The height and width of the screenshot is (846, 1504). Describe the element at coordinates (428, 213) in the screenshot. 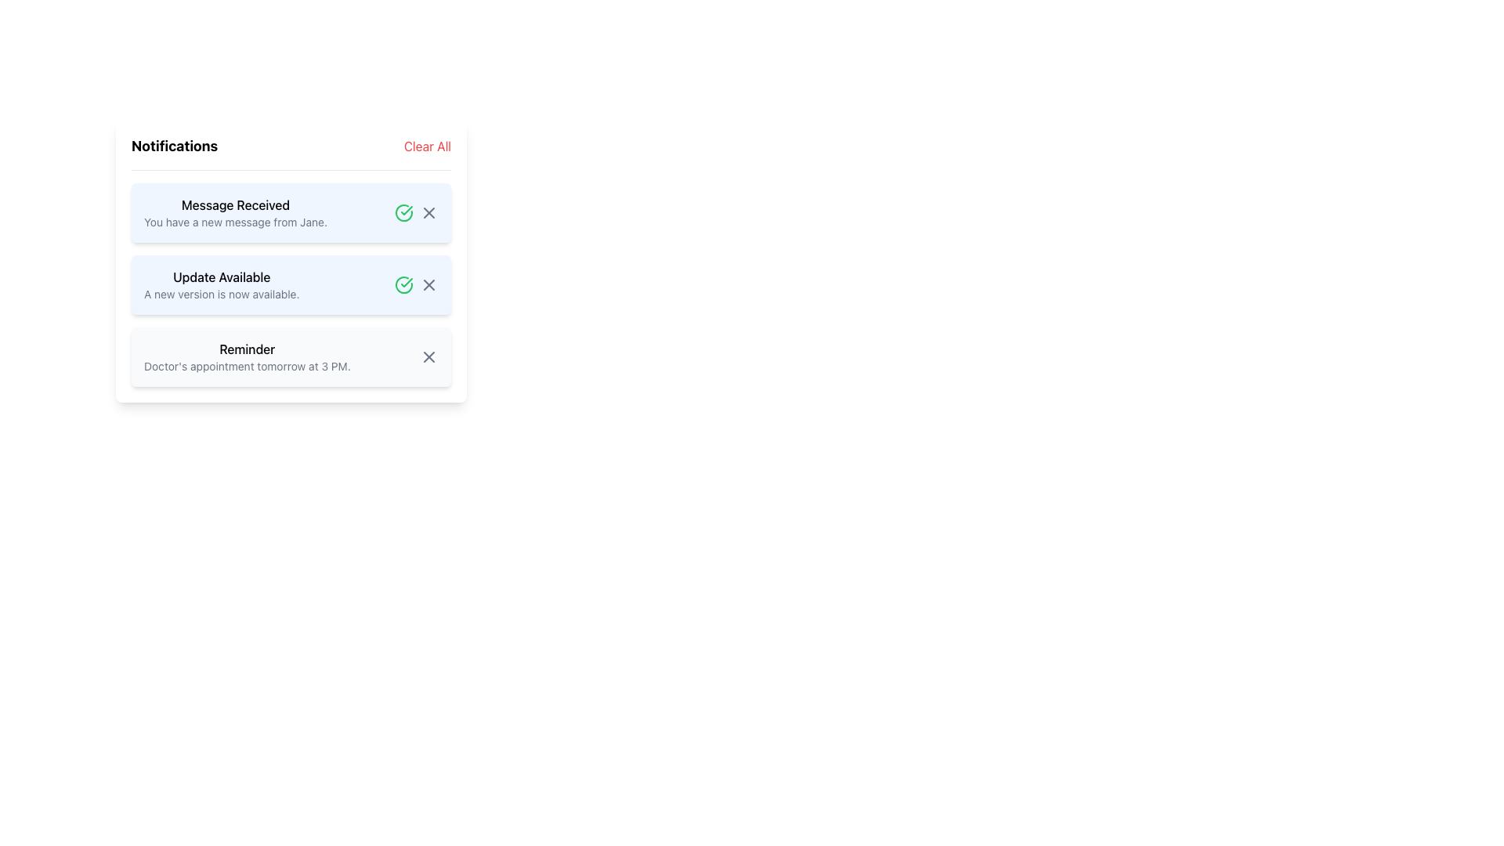

I see `the cross mark icon button` at that location.